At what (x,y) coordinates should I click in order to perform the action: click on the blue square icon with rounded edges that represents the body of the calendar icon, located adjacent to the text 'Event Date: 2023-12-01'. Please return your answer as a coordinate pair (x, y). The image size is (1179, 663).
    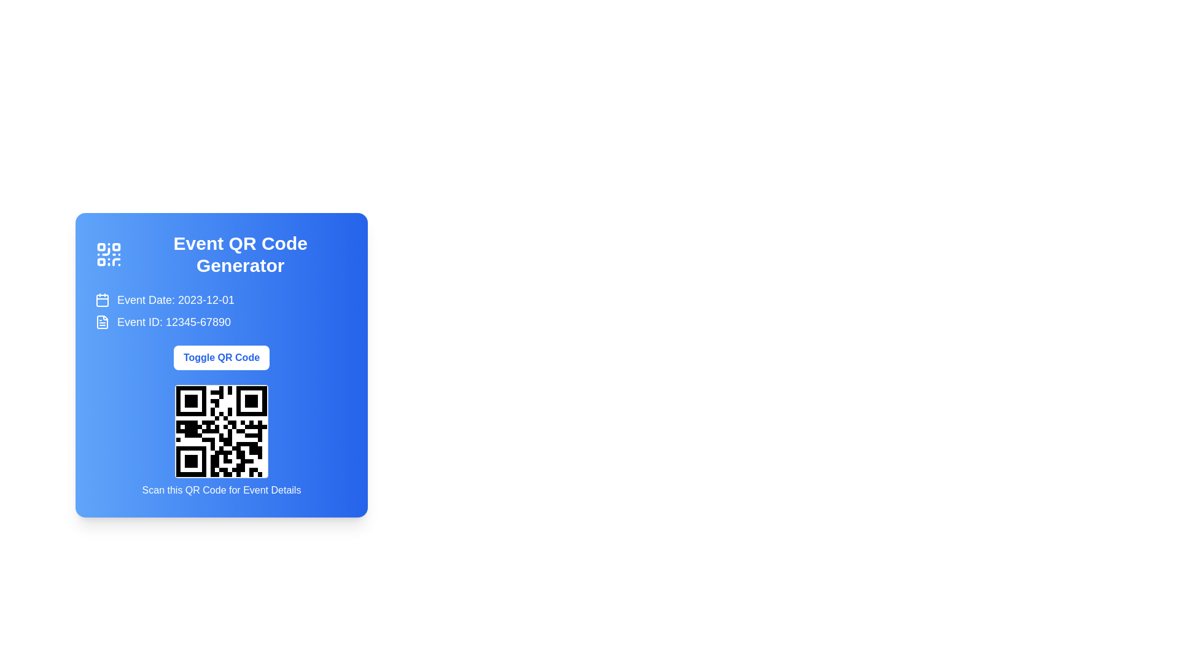
    Looking at the image, I should click on (103, 300).